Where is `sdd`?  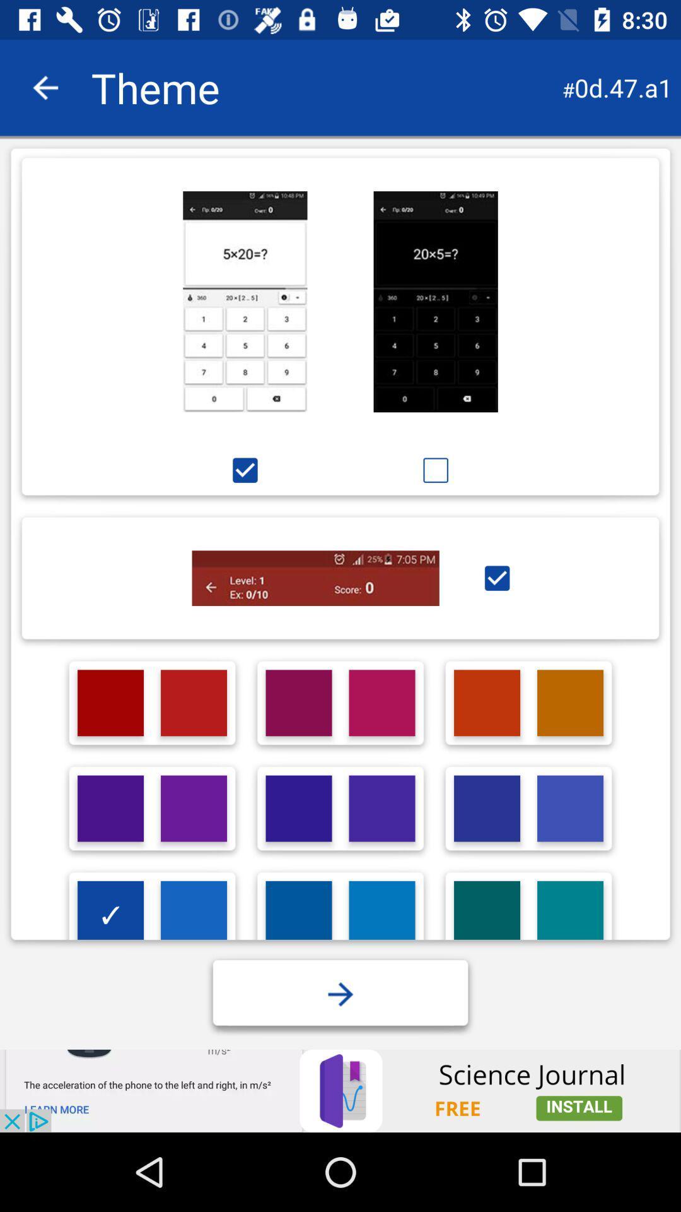
sdd is located at coordinates (299, 914).